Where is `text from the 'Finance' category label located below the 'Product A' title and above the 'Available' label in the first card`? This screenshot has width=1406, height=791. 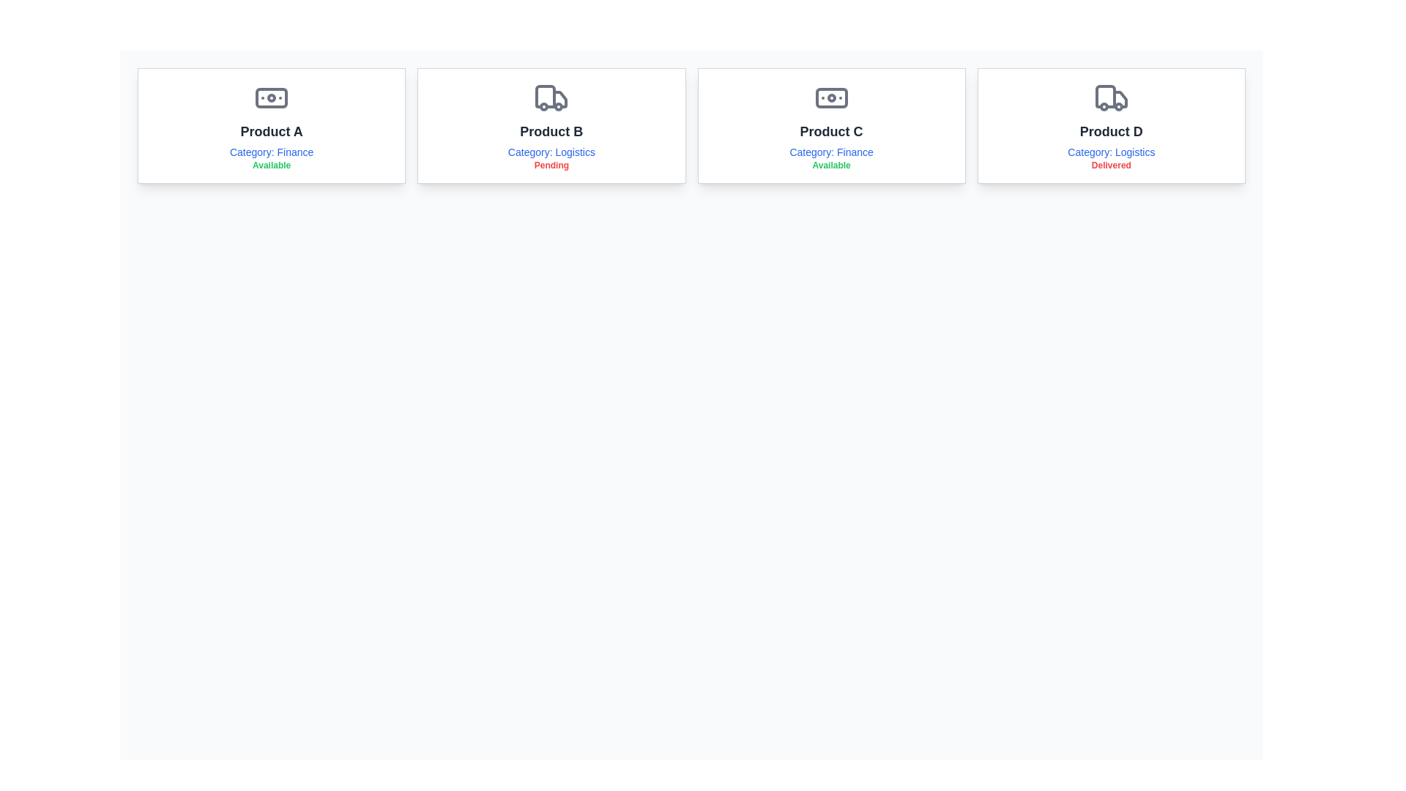
text from the 'Finance' category label located below the 'Product A' title and above the 'Available' label in the first card is located at coordinates (272, 152).